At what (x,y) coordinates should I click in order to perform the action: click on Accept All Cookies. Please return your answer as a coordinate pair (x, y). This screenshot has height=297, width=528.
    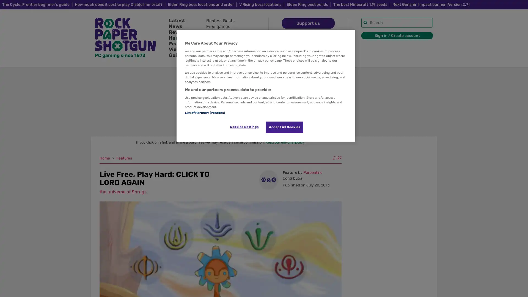
    Looking at the image, I should click on (285, 127).